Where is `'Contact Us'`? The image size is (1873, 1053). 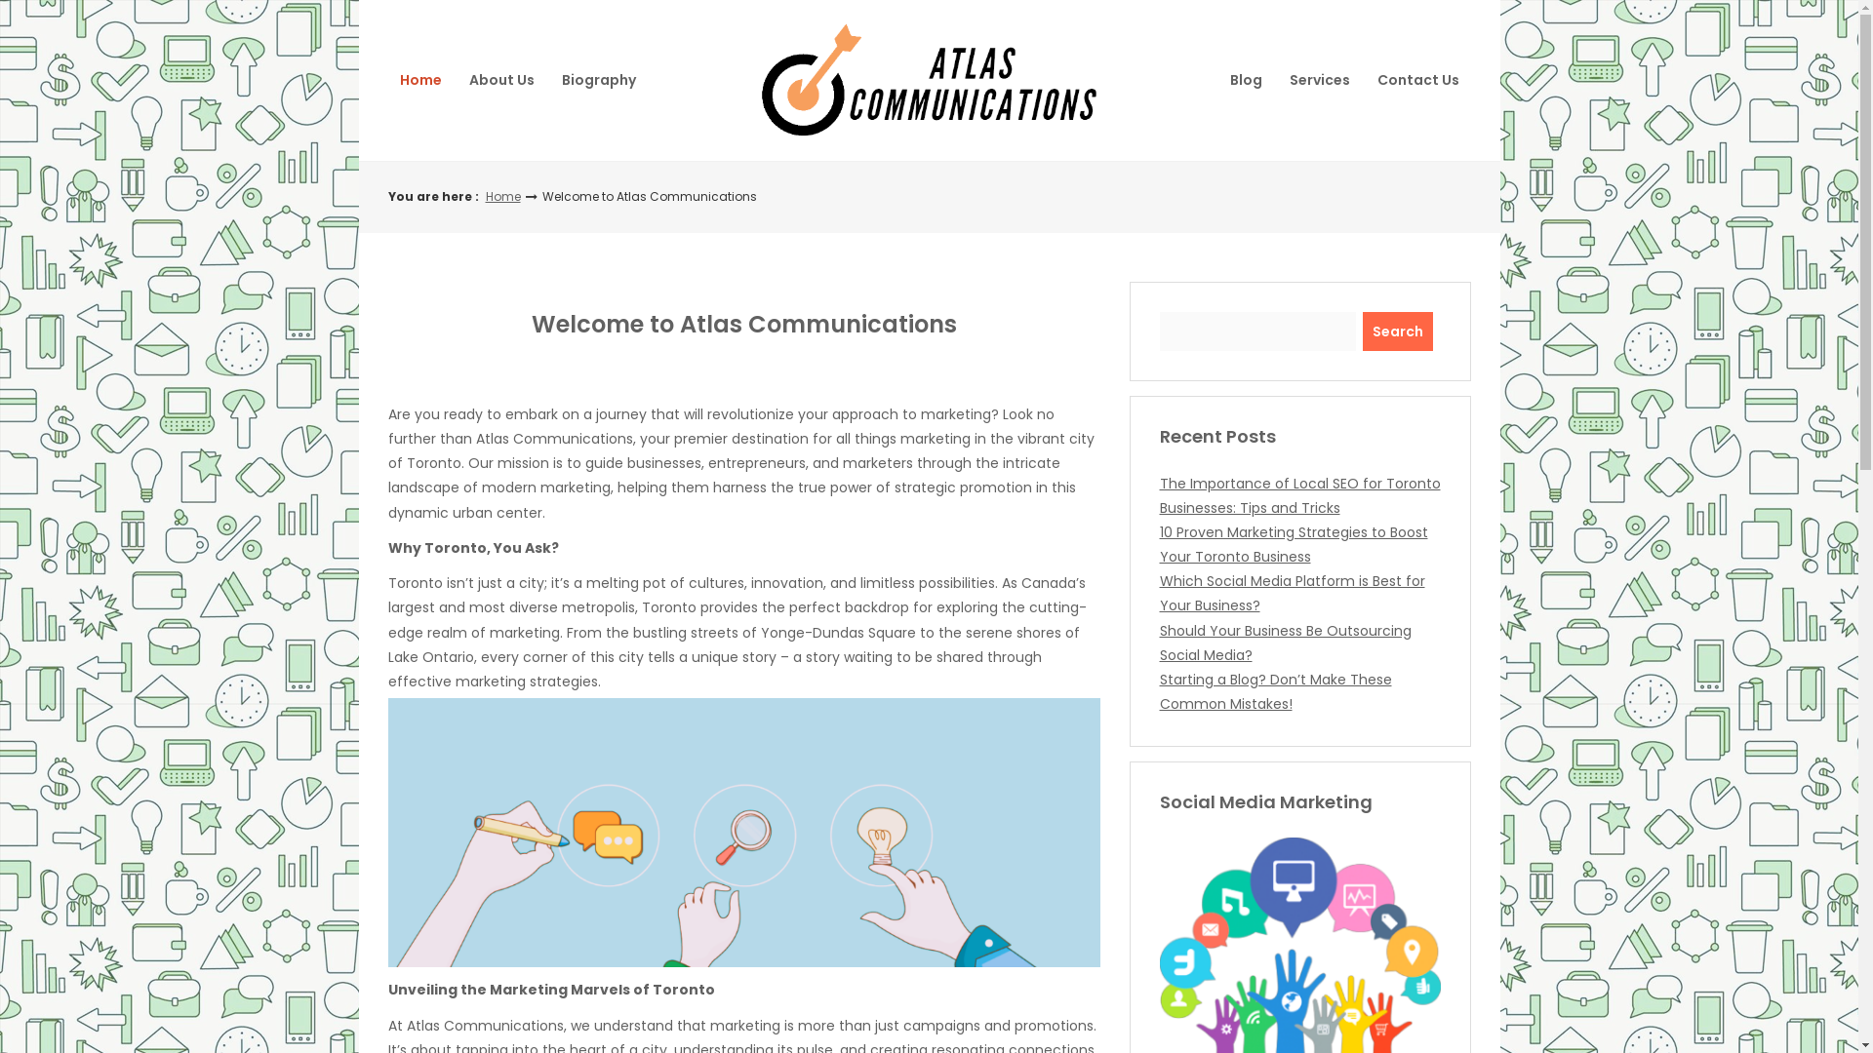 'Contact Us' is located at coordinates (1418, 79).